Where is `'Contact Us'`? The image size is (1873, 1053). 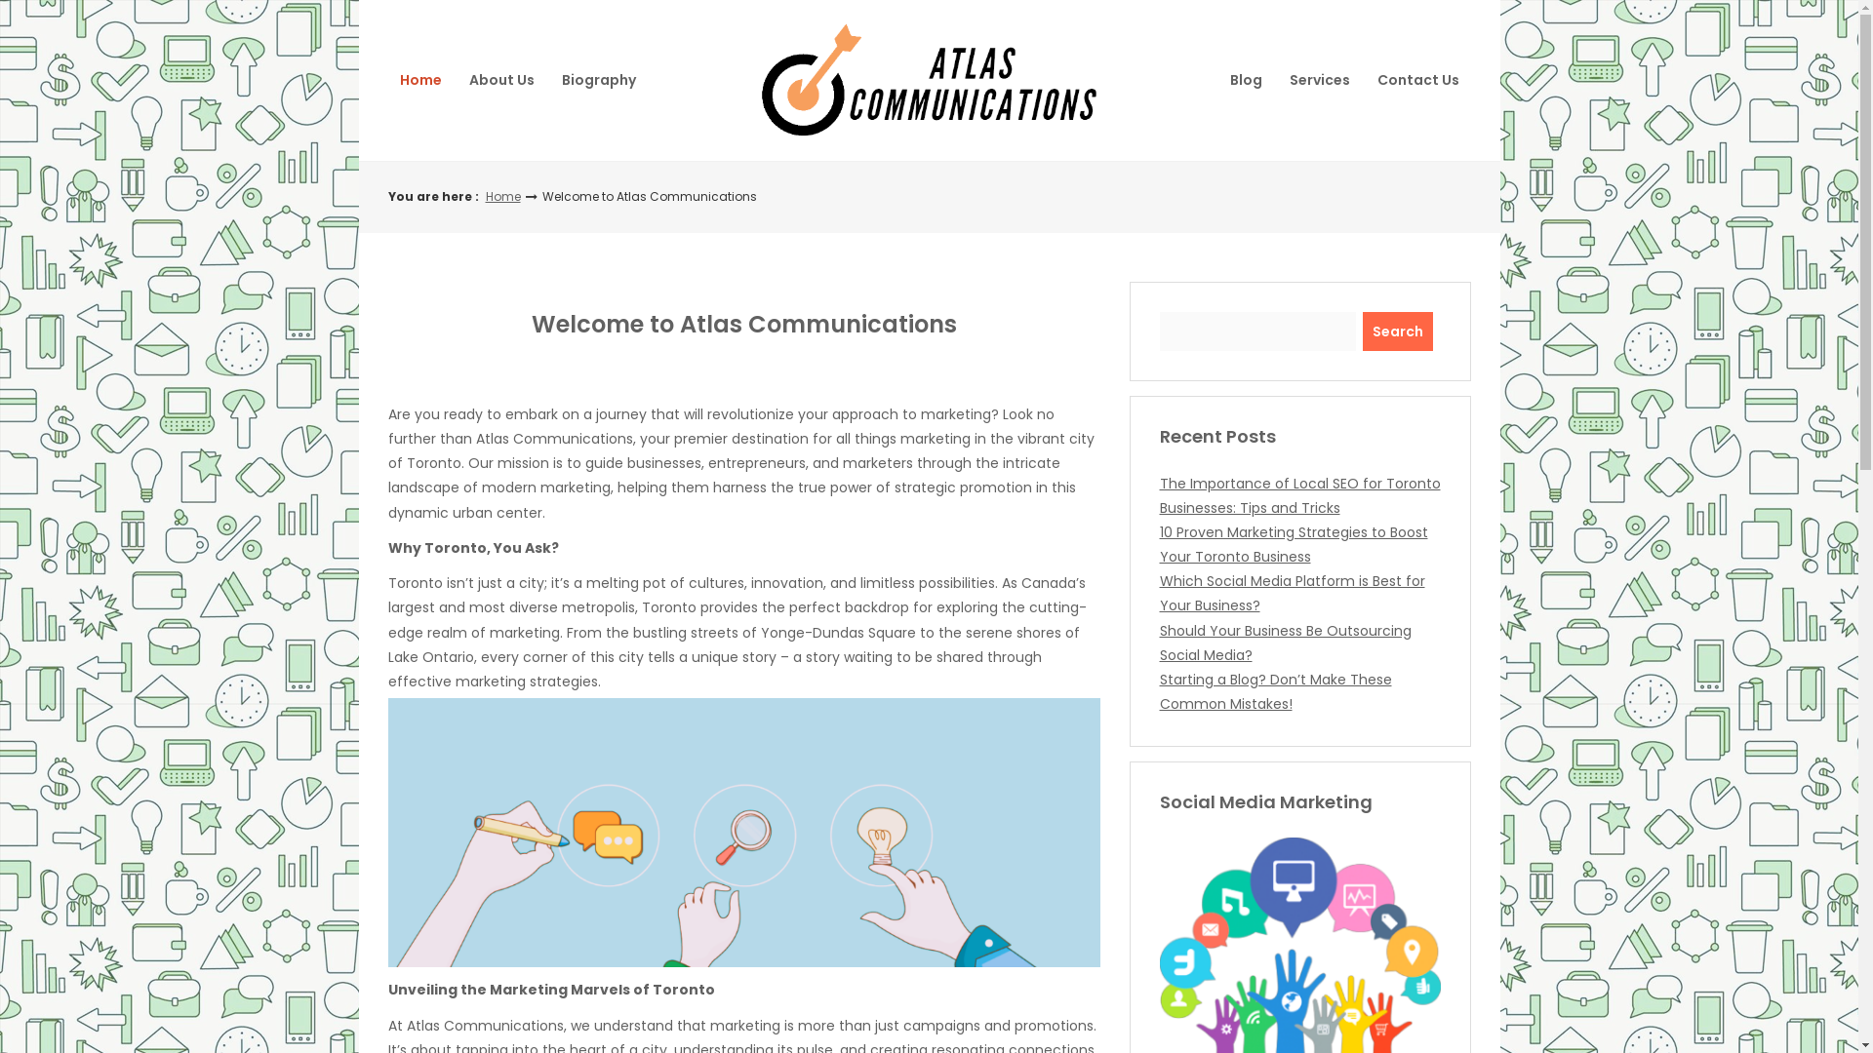 'Contact Us' is located at coordinates (1418, 79).